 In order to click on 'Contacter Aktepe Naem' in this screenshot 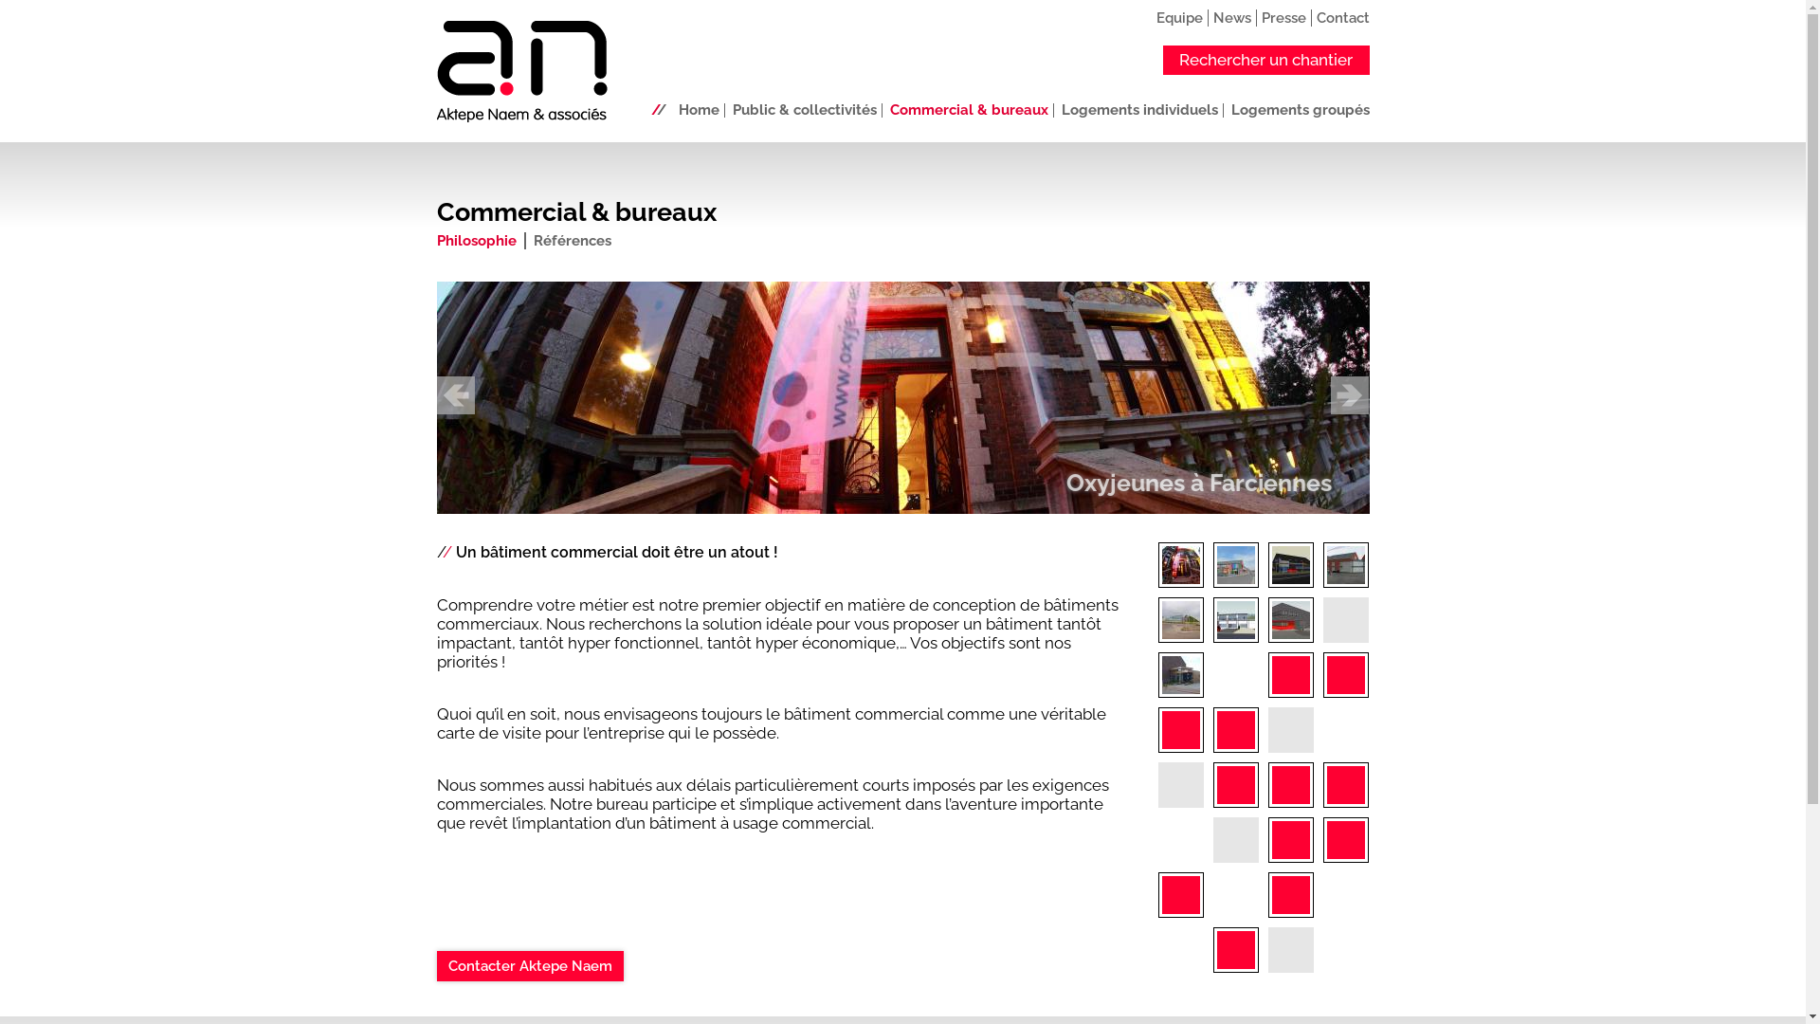, I will do `click(435, 965)`.